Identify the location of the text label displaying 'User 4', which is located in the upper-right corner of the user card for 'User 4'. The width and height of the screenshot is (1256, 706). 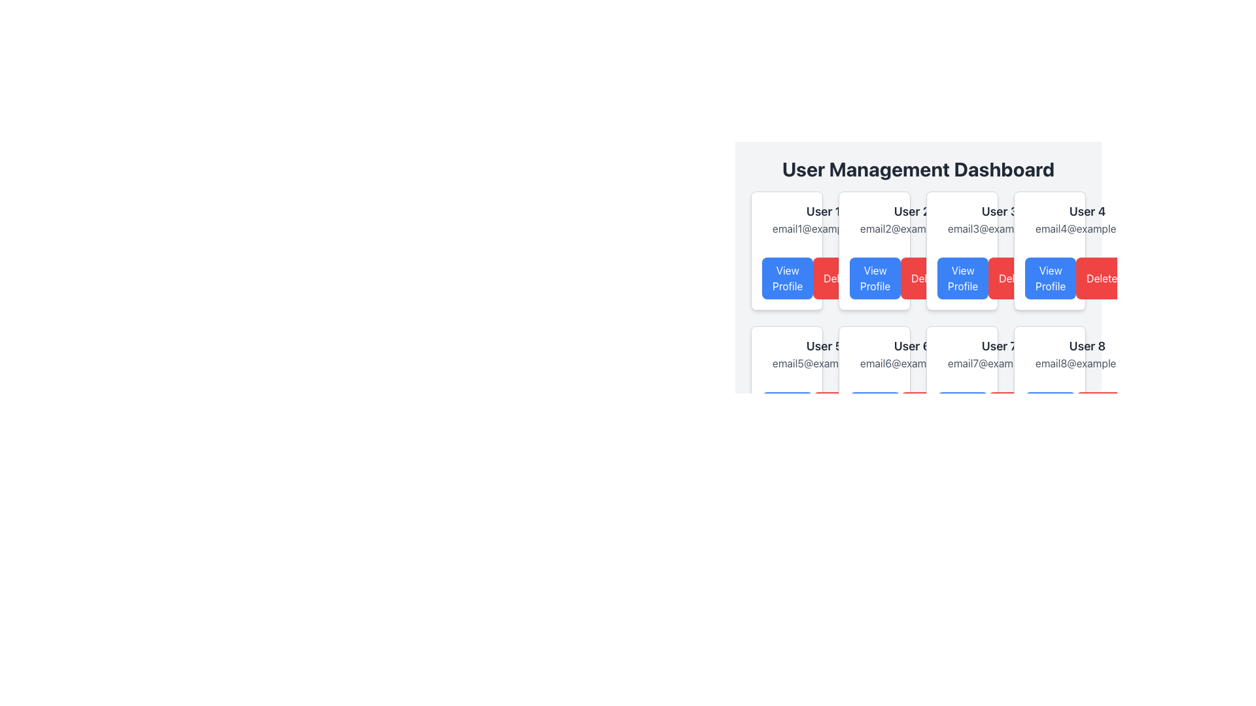
(1087, 211).